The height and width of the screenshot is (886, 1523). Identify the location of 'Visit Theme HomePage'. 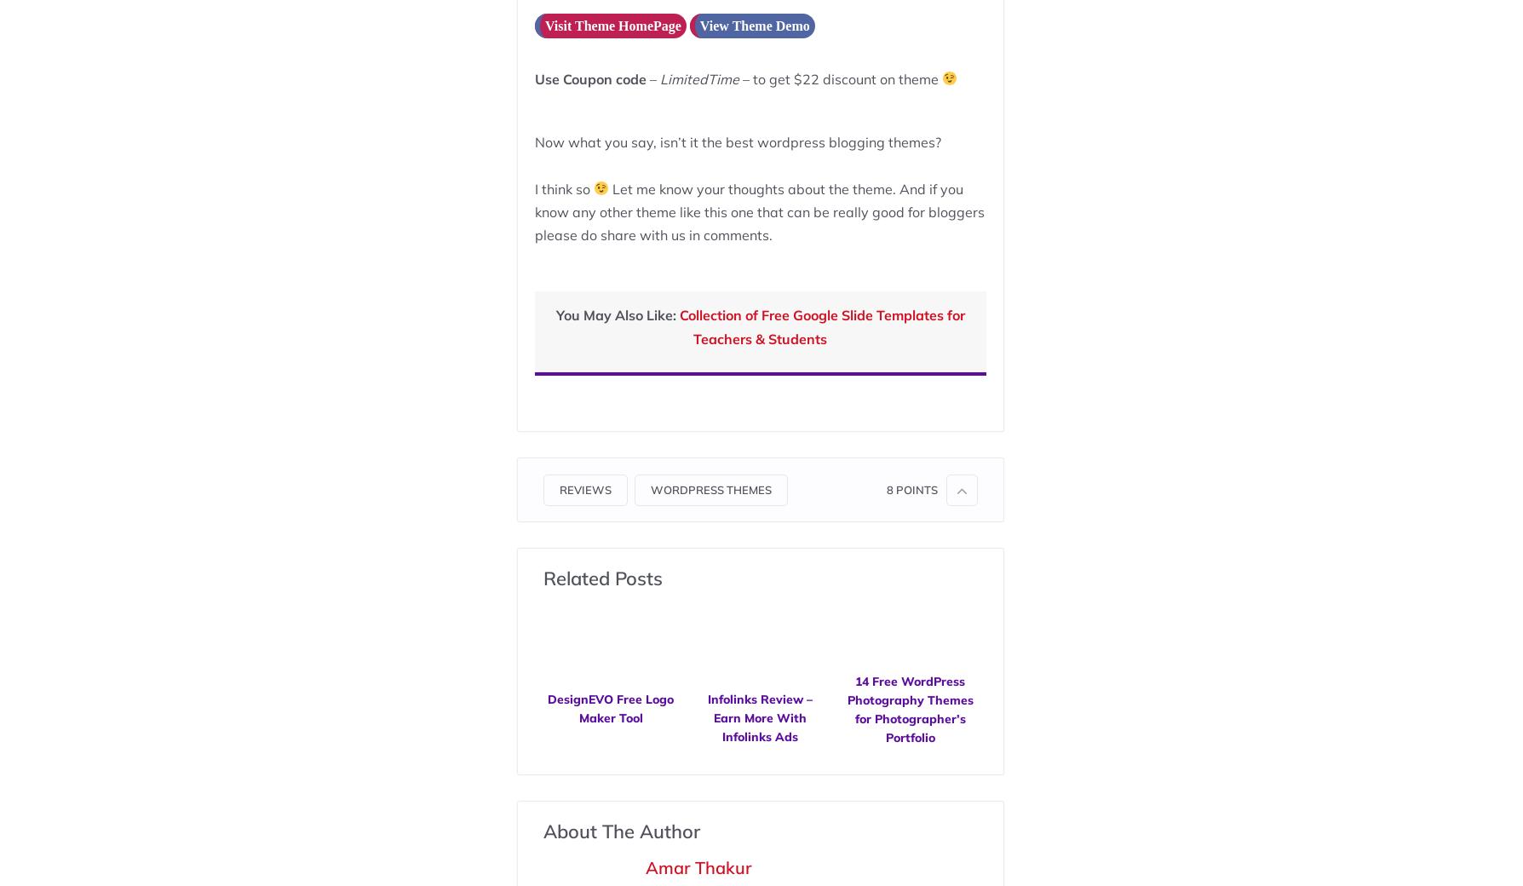
(611, 24).